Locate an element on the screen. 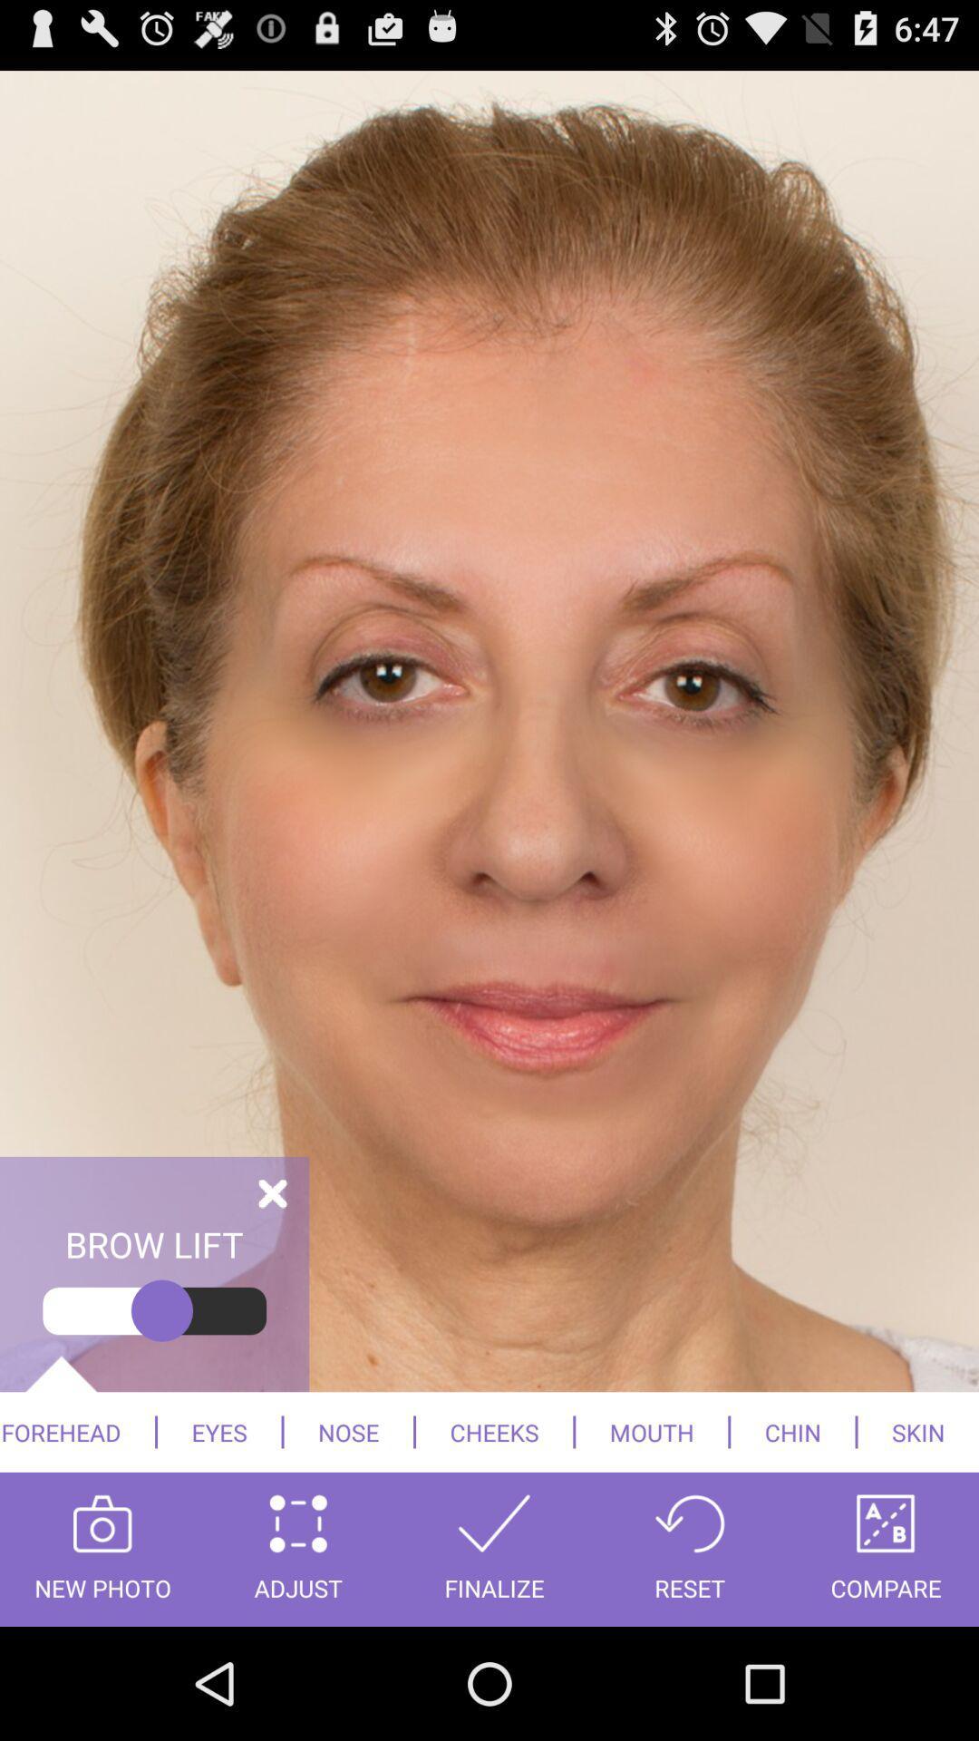 The image size is (979, 1741). the close icon is located at coordinates (272, 1276).